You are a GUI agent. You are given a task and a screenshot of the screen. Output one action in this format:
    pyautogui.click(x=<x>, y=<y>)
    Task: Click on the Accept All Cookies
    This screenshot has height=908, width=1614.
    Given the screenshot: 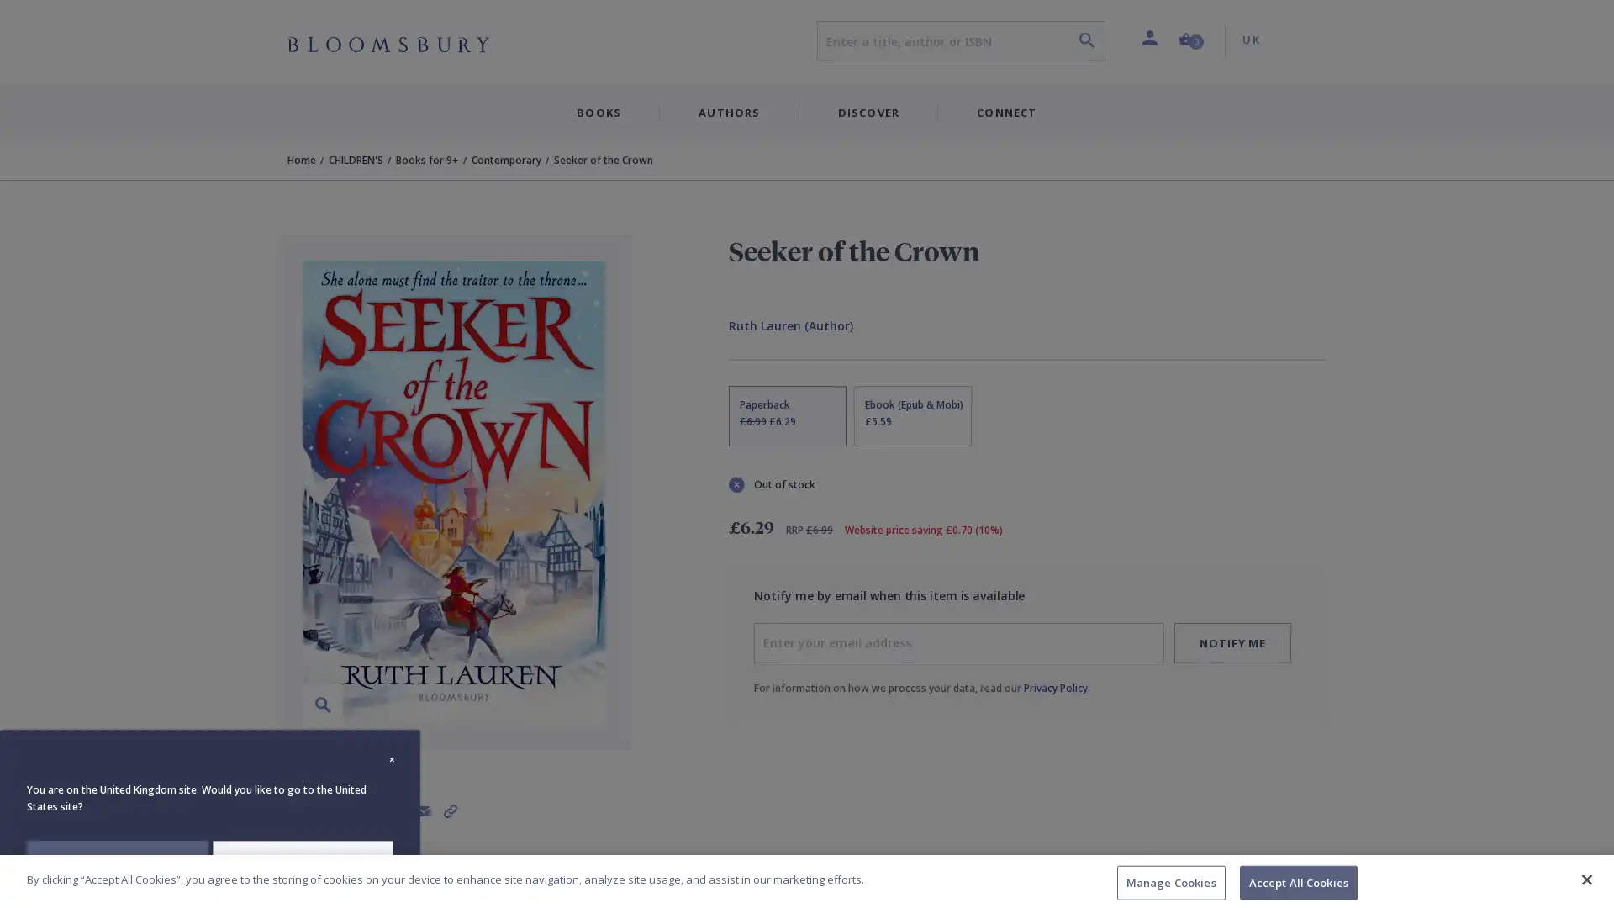 What is the action you would take?
    pyautogui.click(x=1297, y=881)
    